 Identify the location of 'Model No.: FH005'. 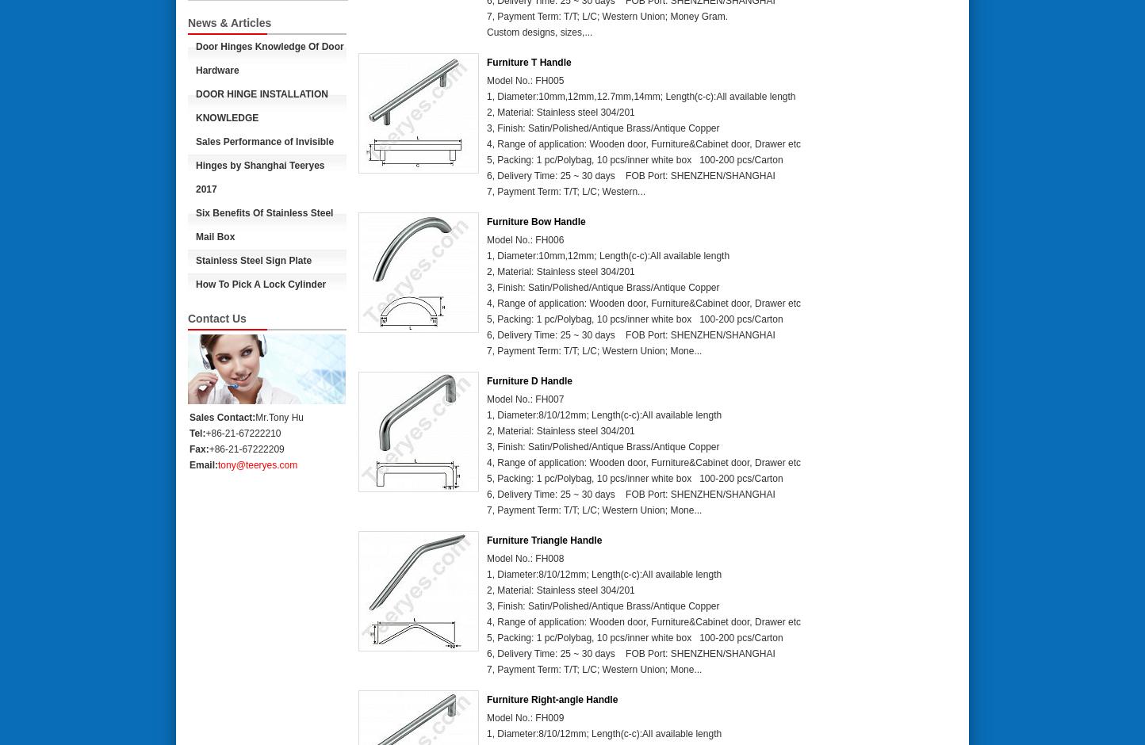
(525, 80).